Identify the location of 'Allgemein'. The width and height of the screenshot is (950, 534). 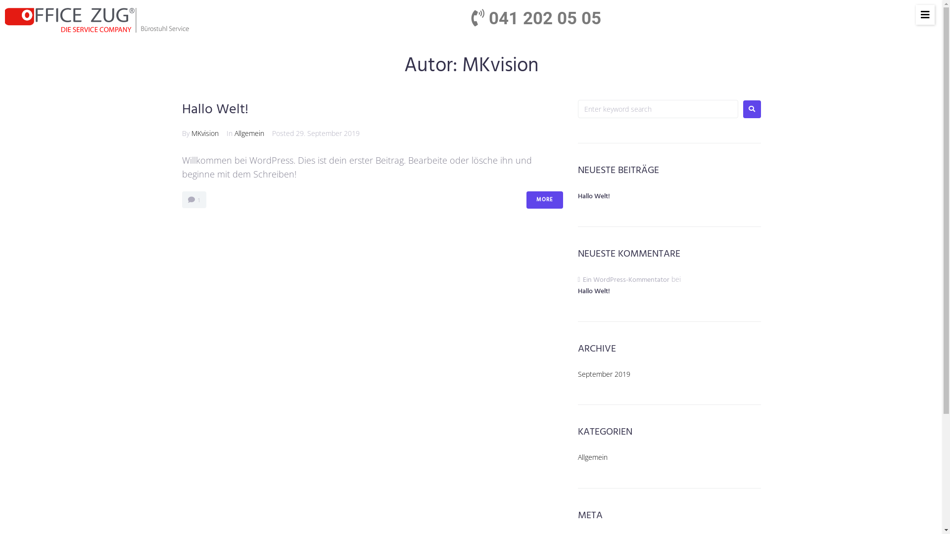
(249, 133).